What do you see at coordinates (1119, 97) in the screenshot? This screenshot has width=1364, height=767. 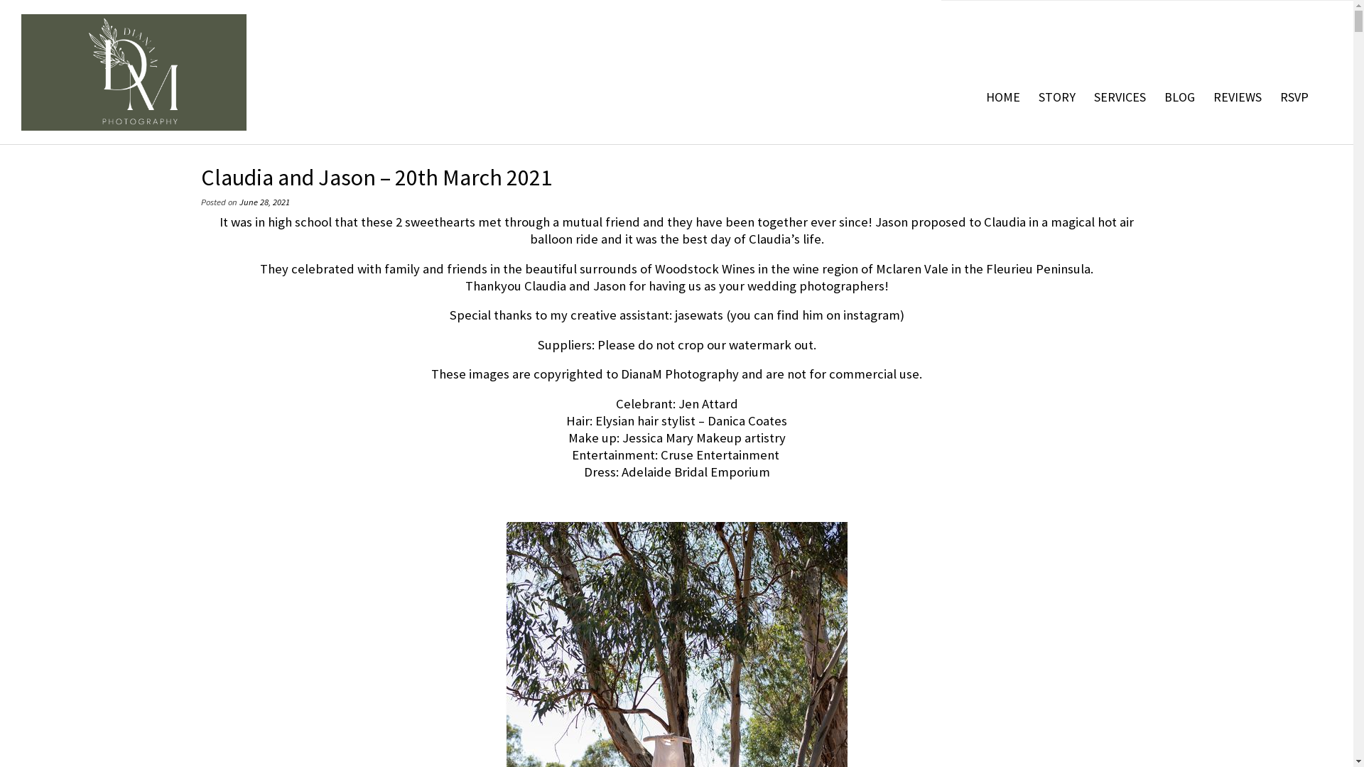 I see `'SERVICES'` at bounding box center [1119, 97].